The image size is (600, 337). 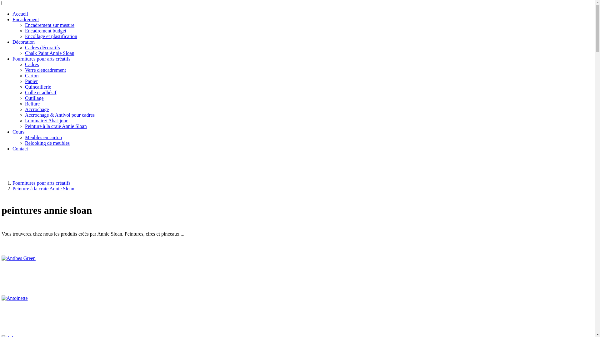 I want to click on 'Cours', so click(x=18, y=131).